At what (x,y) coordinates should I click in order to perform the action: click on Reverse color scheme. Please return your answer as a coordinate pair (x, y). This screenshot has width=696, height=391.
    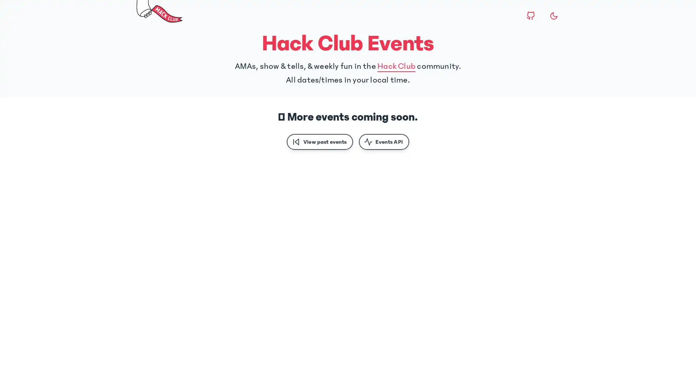
    Looking at the image, I should click on (553, 16).